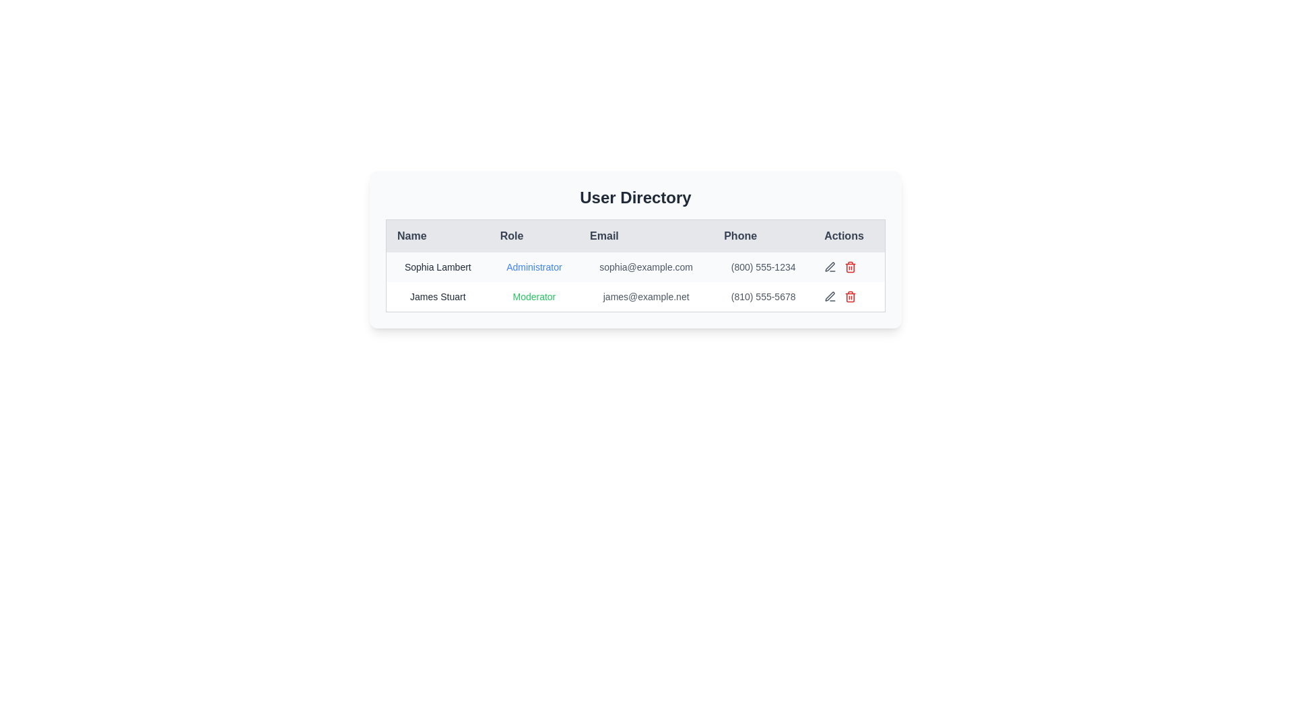  Describe the element at coordinates (849, 267) in the screenshot. I see `the delete icon button located at the rightmost end of the first row in the 'Actions' column of the user directory table` at that location.